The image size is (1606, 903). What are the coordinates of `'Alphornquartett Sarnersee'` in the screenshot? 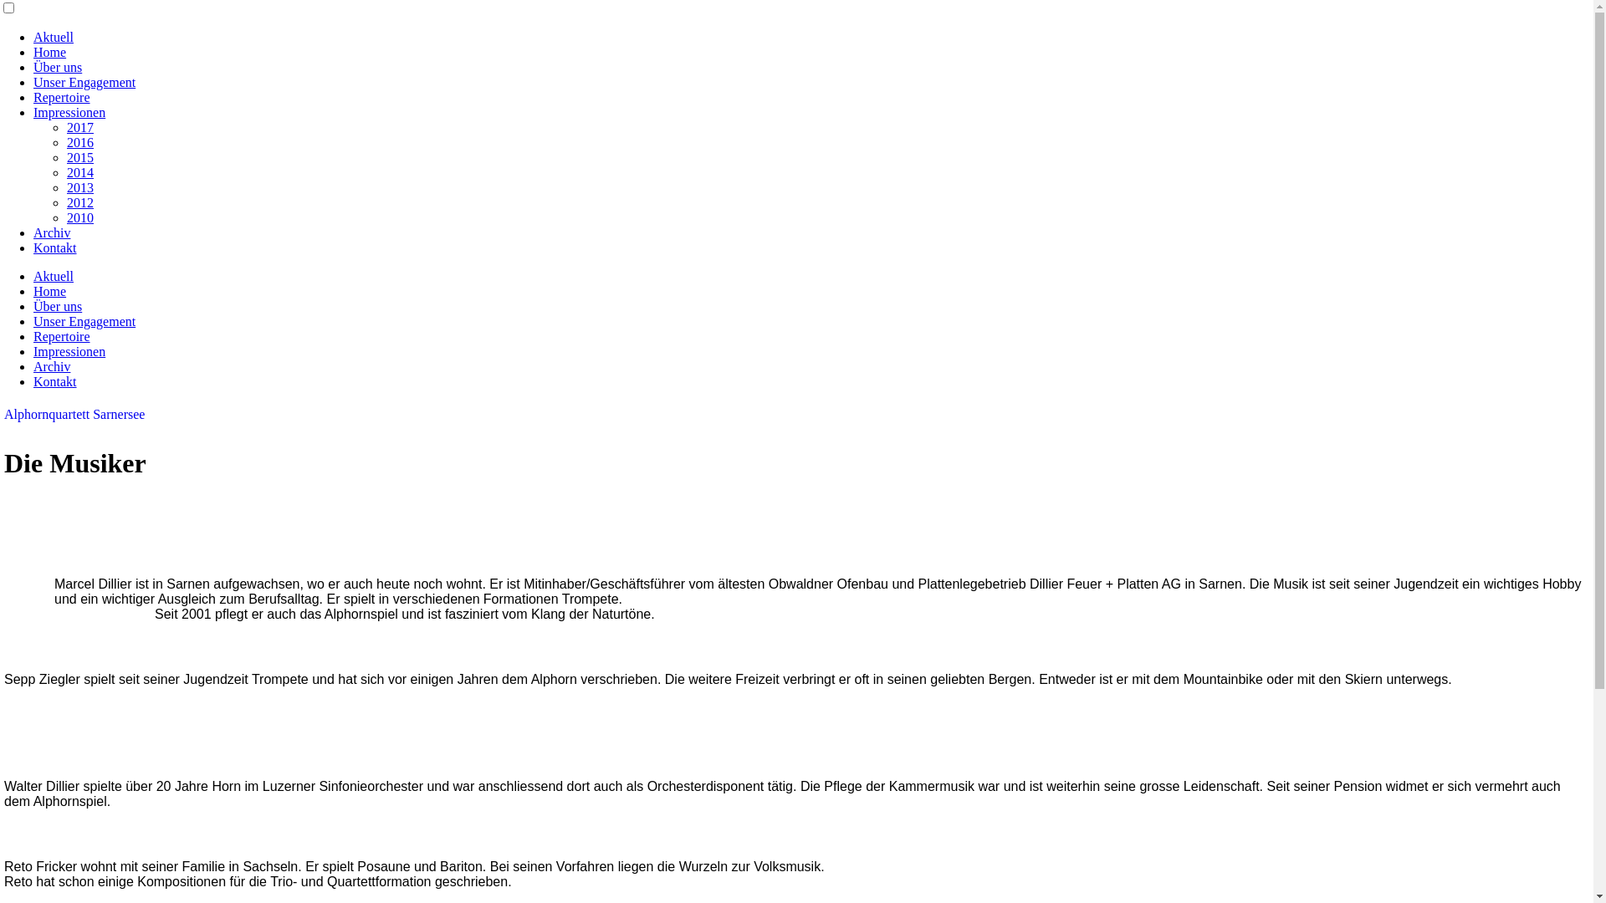 It's located at (3, 414).